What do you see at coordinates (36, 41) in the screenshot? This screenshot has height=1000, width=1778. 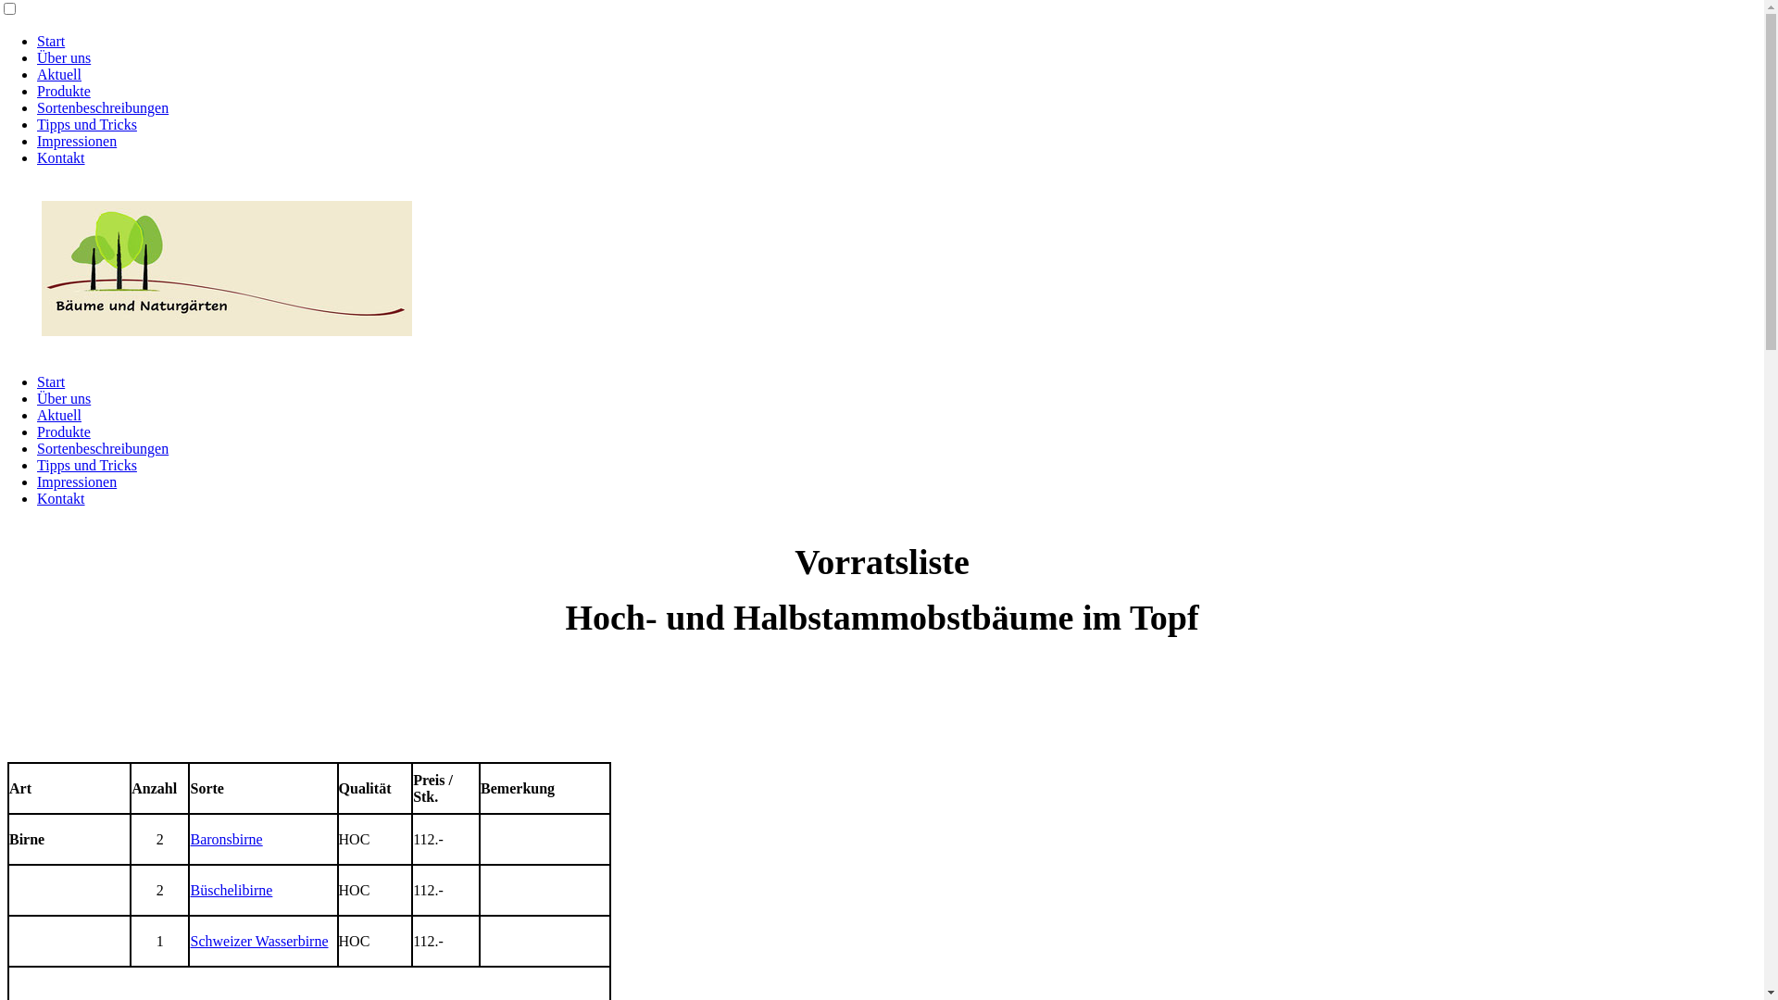 I see `'Start'` at bounding box center [36, 41].